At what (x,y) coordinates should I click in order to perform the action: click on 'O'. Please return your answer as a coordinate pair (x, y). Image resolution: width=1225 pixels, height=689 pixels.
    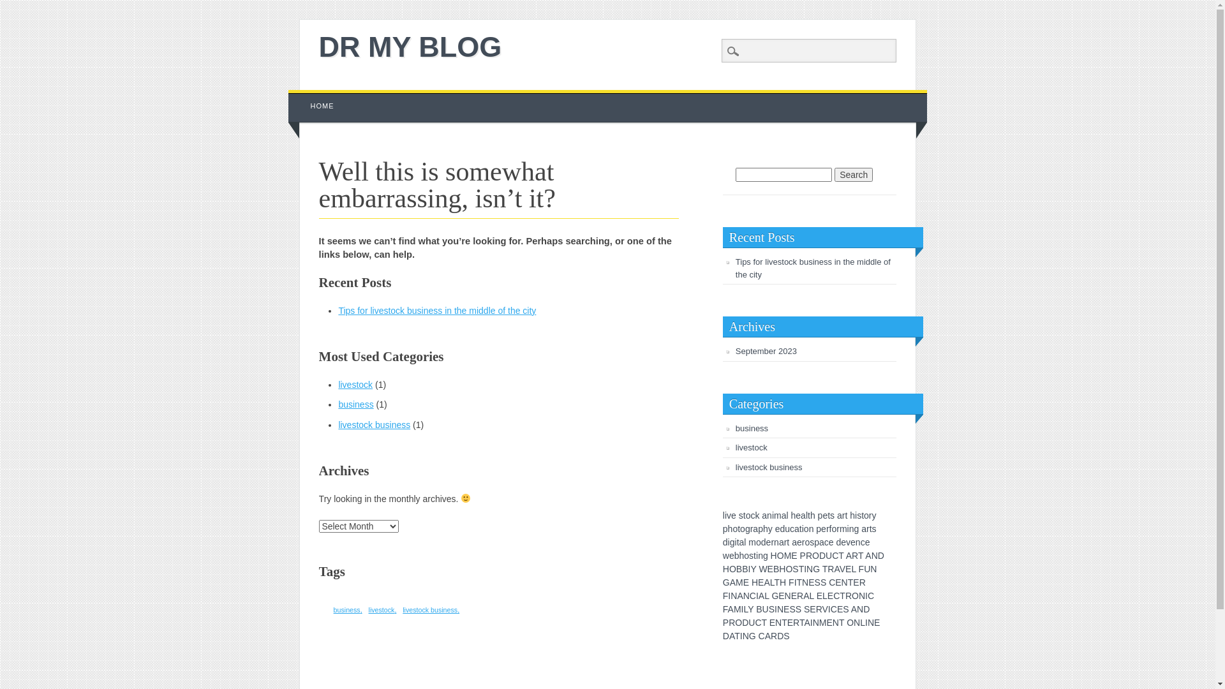
    Looking at the image, I should click on (850, 621).